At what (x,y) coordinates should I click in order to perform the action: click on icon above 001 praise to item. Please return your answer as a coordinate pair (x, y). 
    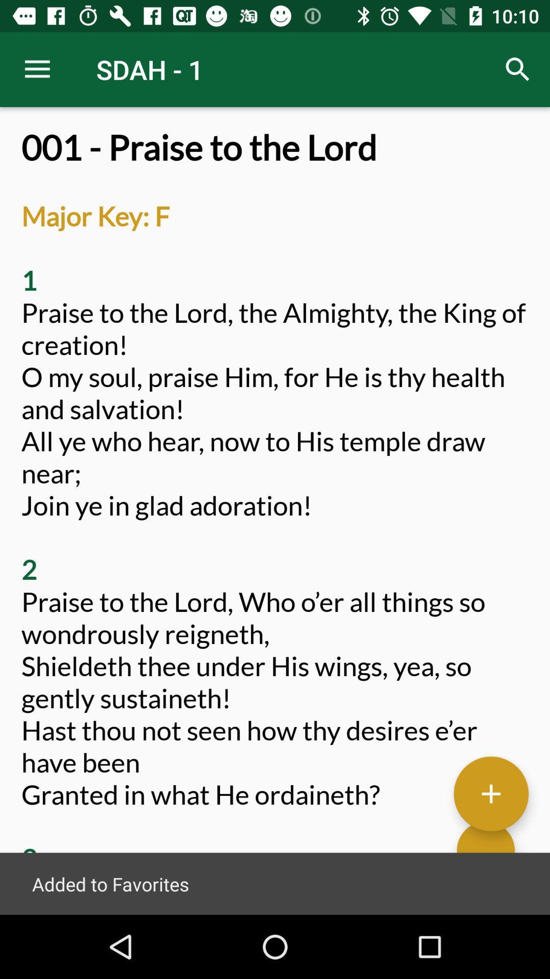
    Looking at the image, I should click on (518, 69).